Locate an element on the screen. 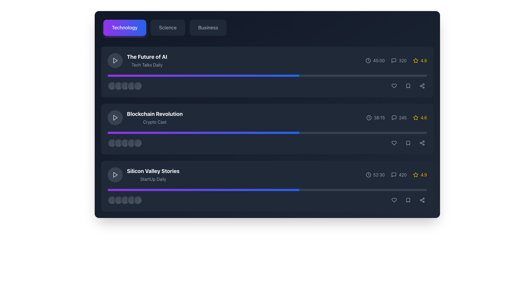  the text element that reads 'StartUp Daily' is located at coordinates (153, 179).